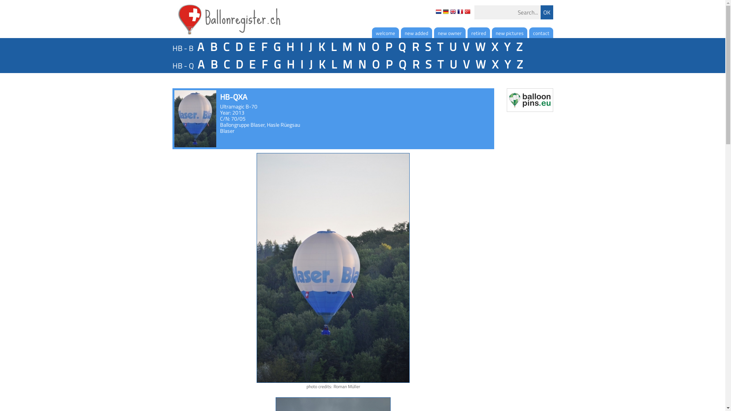 The width and height of the screenshot is (731, 411). I want to click on 'O', so click(369, 47).